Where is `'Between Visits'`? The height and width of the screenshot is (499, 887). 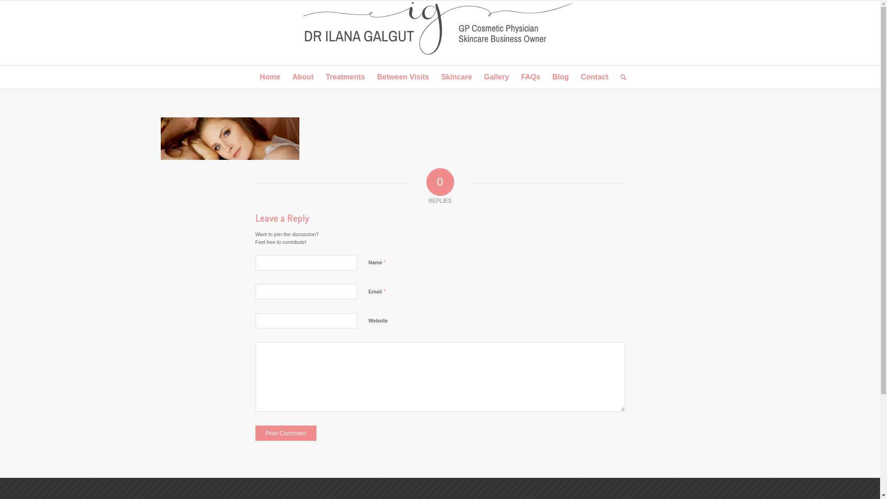 'Between Visits' is located at coordinates (403, 76).